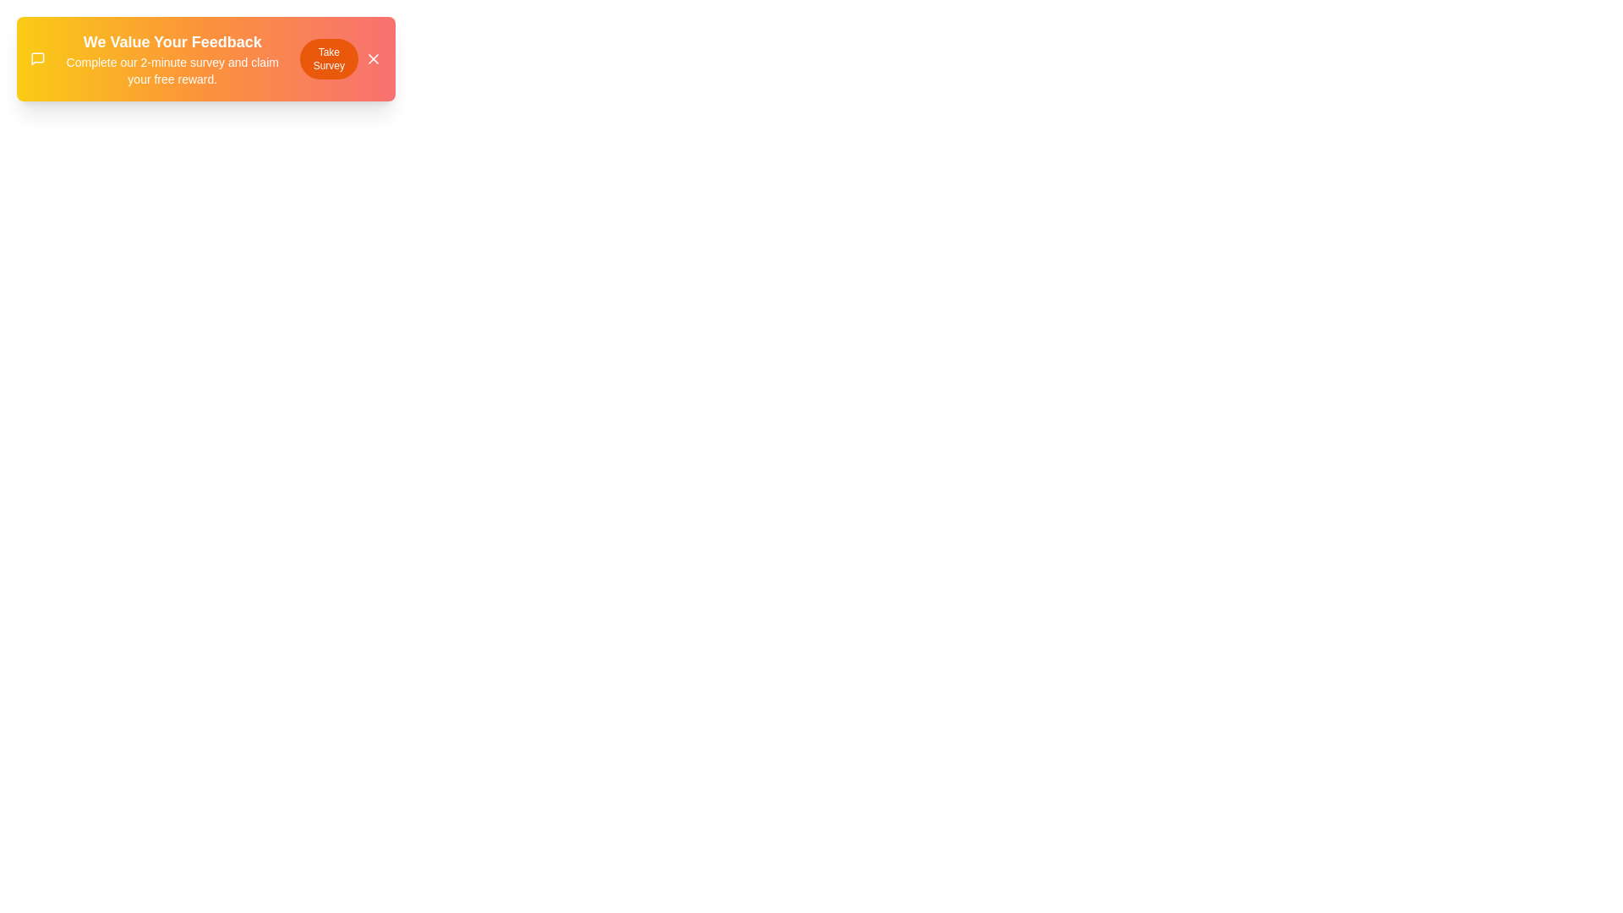 The height and width of the screenshot is (913, 1623). I want to click on the close icon (X) to dismiss the notification, so click(372, 57).